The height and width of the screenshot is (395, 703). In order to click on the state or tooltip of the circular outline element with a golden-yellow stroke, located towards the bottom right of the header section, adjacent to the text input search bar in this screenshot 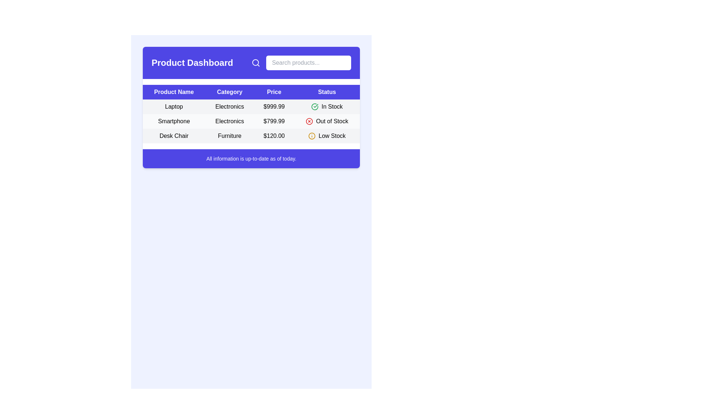, I will do `click(312, 136)`.